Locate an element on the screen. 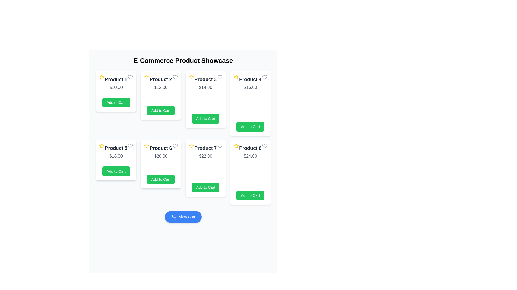 The height and width of the screenshot is (290, 517). the heart icon button located at the top-right corner of the 'Product 4' card is located at coordinates (265, 77).